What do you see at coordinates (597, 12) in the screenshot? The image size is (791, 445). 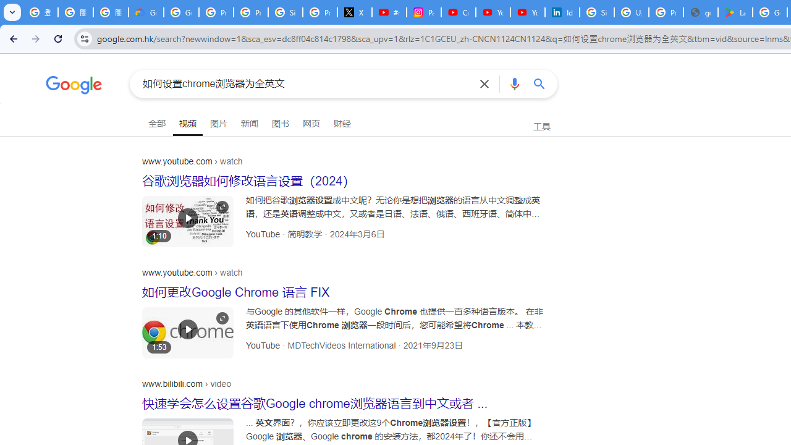 I see `'Sign in - Google Accounts'` at bounding box center [597, 12].